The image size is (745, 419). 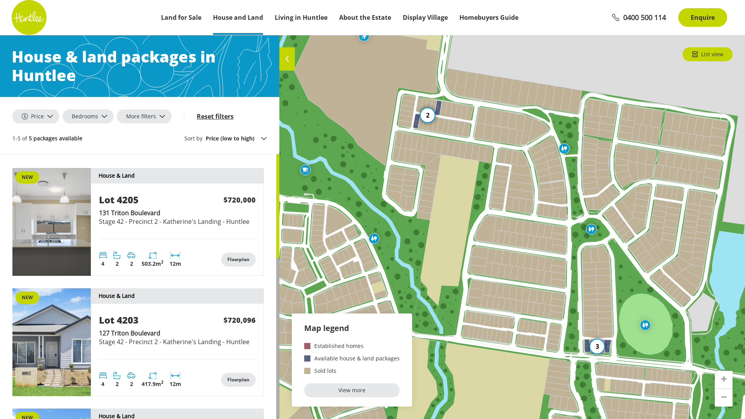 I want to click on 'Reset filters', so click(x=215, y=116).